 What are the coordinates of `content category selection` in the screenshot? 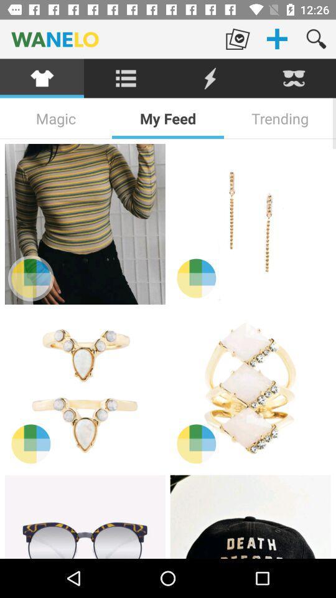 It's located at (42, 78).